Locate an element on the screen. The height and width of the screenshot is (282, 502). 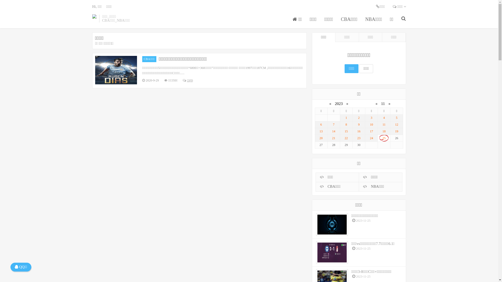
'23' is located at coordinates (358, 138).